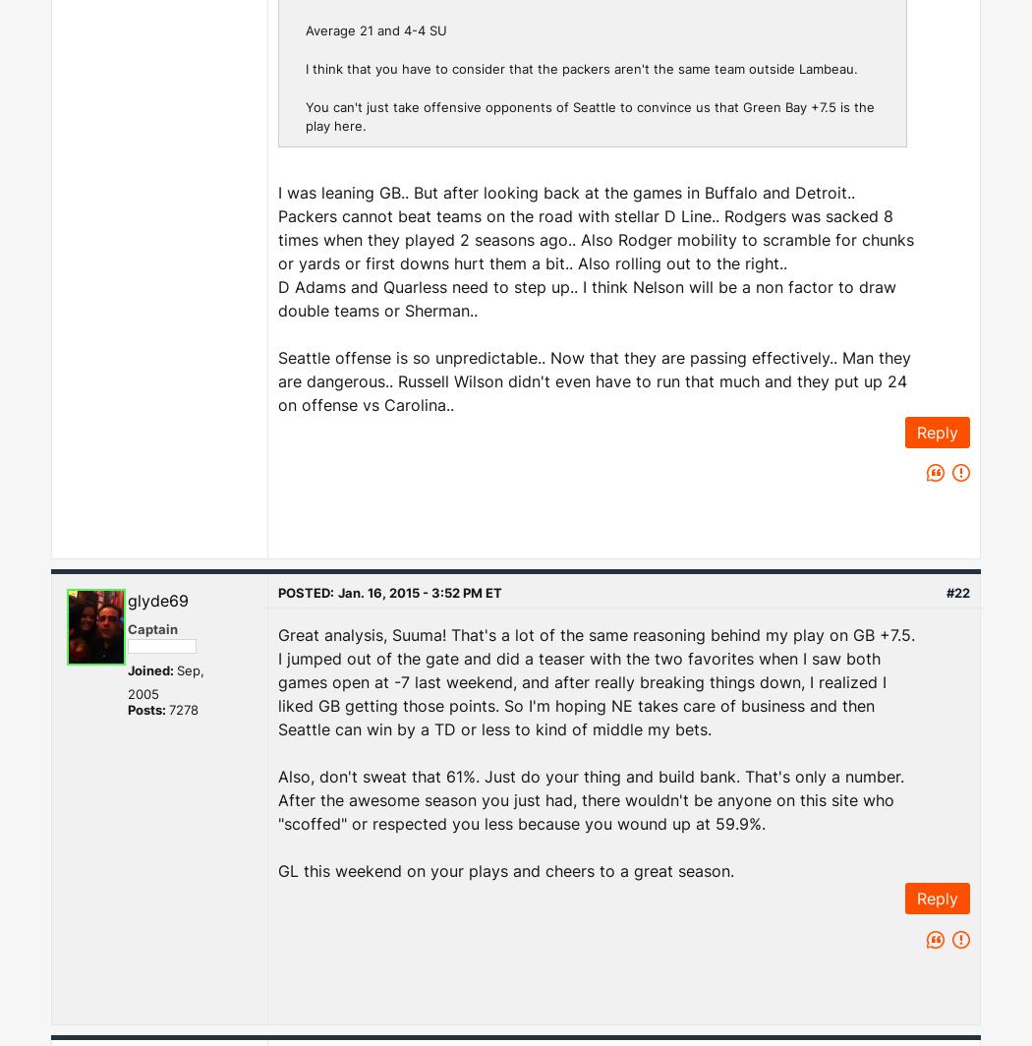 The width and height of the screenshot is (1032, 1046). What do you see at coordinates (306, 592) in the screenshot?
I see `'Posted:'` at bounding box center [306, 592].